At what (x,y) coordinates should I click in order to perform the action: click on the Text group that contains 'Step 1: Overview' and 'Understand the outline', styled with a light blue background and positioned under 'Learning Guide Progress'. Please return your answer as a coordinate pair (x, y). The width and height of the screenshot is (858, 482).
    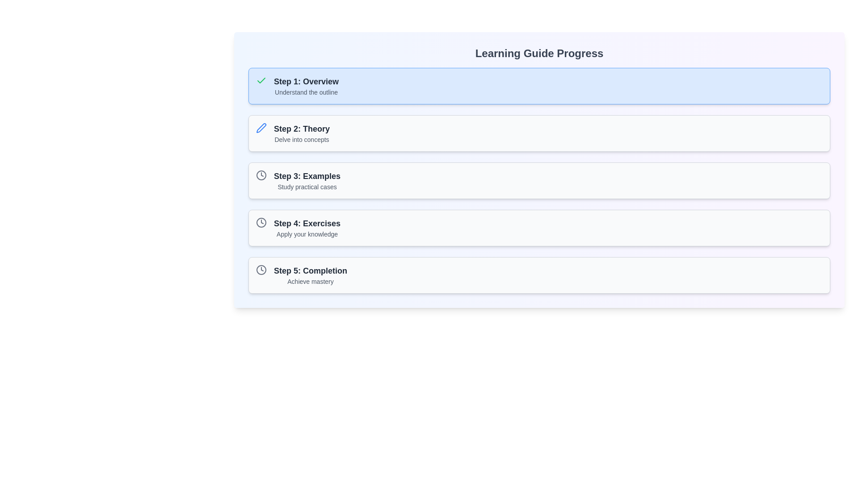
    Looking at the image, I should click on (306, 86).